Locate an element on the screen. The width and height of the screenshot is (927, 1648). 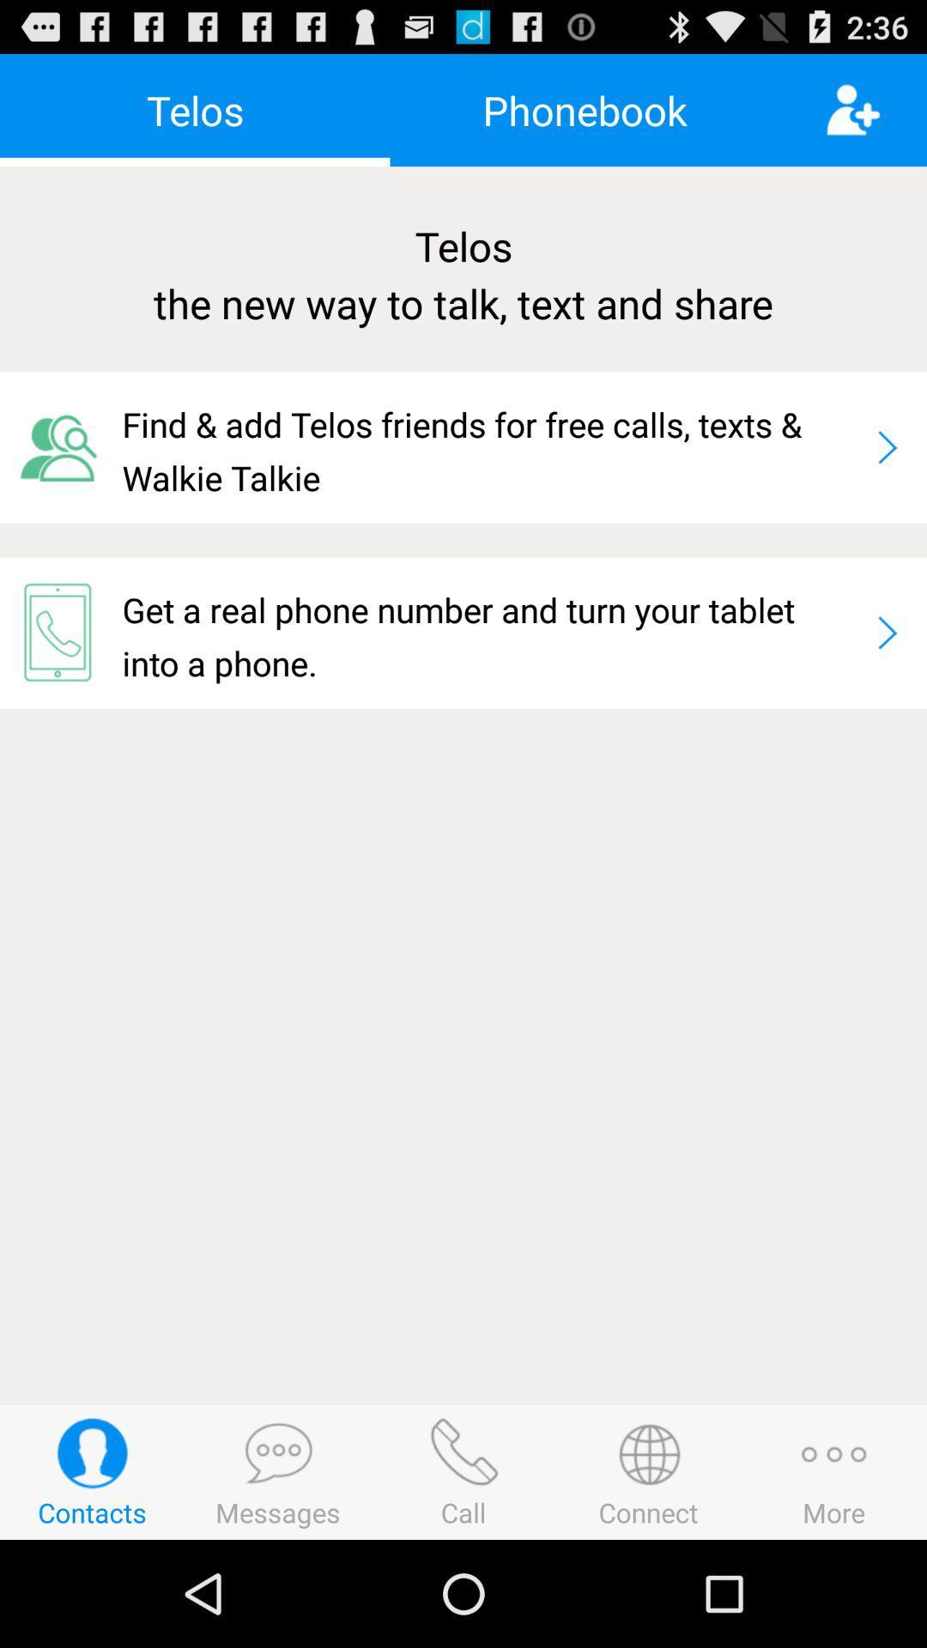
the item next to the phonebook icon is located at coordinates (875, 109).